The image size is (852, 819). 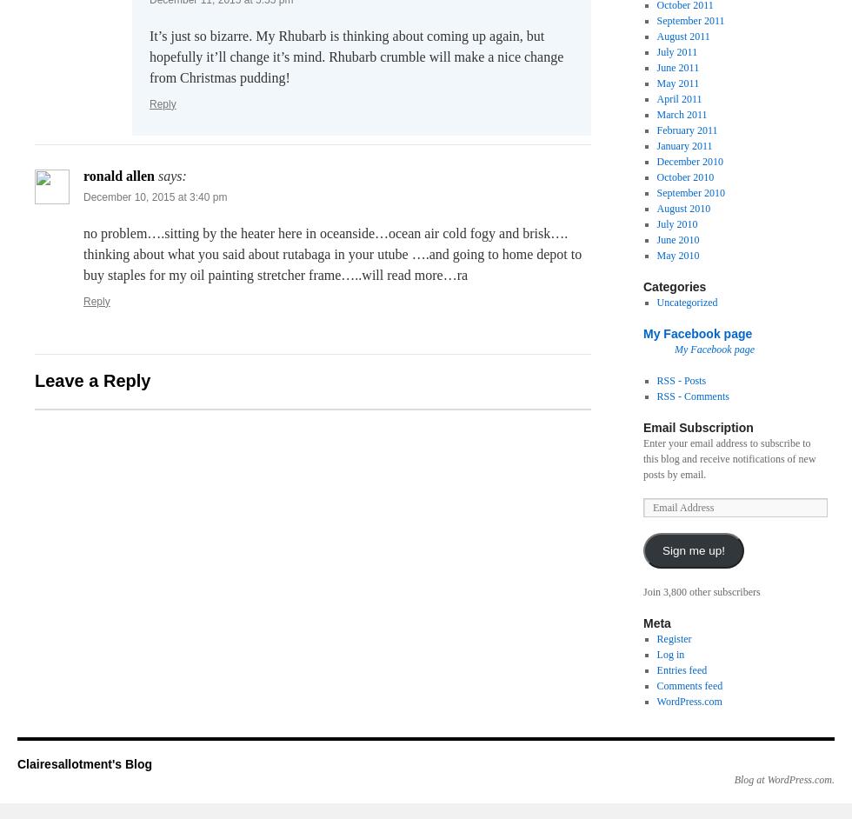 I want to click on 'May 2010', so click(x=677, y=255).